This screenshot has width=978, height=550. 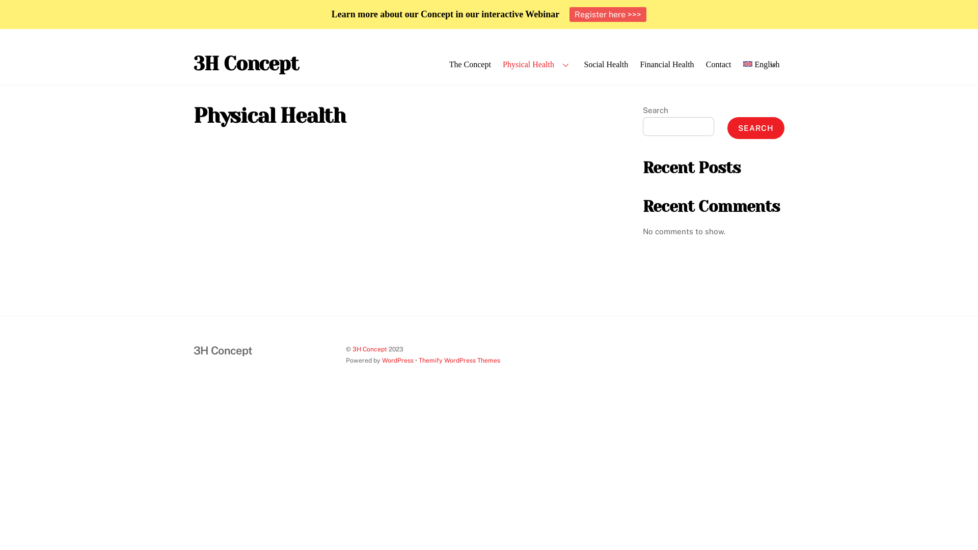 I want to click on '3H Concept', so click(x=193, y=63).